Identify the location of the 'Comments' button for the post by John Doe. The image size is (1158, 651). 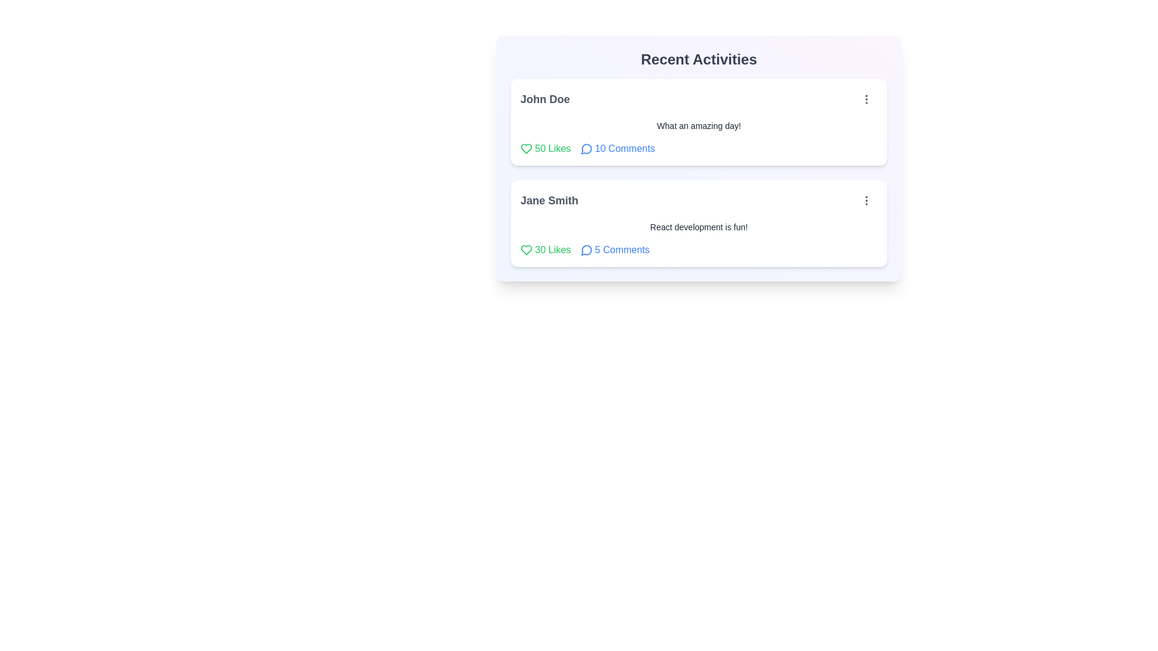
(618, 148).